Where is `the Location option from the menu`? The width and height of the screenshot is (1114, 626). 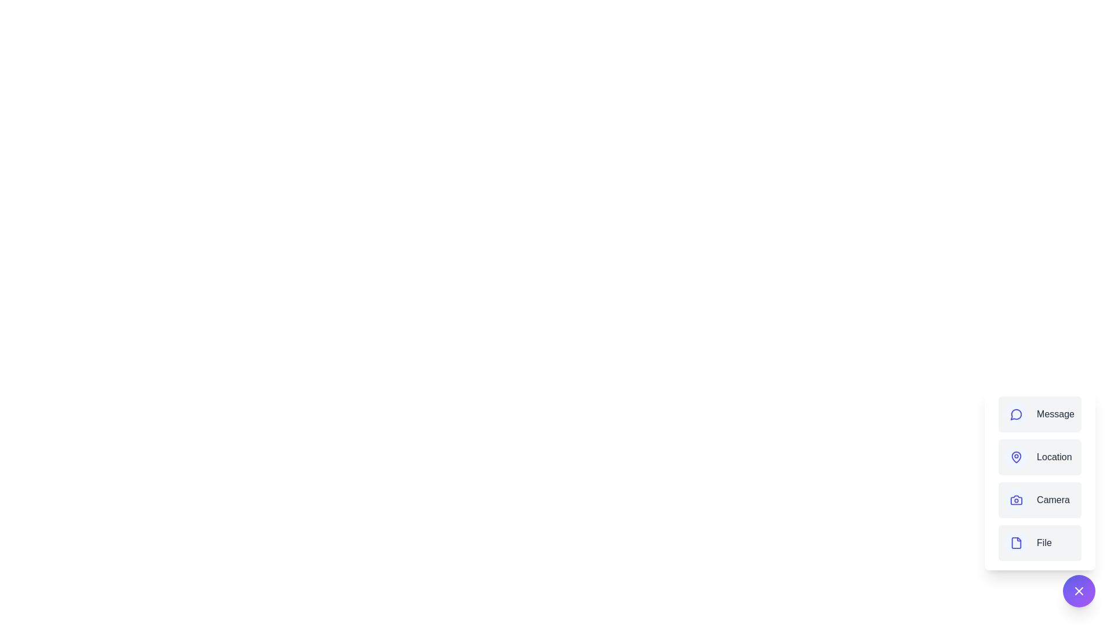
the Location option from the menu is located at coordinates (1039, 457).